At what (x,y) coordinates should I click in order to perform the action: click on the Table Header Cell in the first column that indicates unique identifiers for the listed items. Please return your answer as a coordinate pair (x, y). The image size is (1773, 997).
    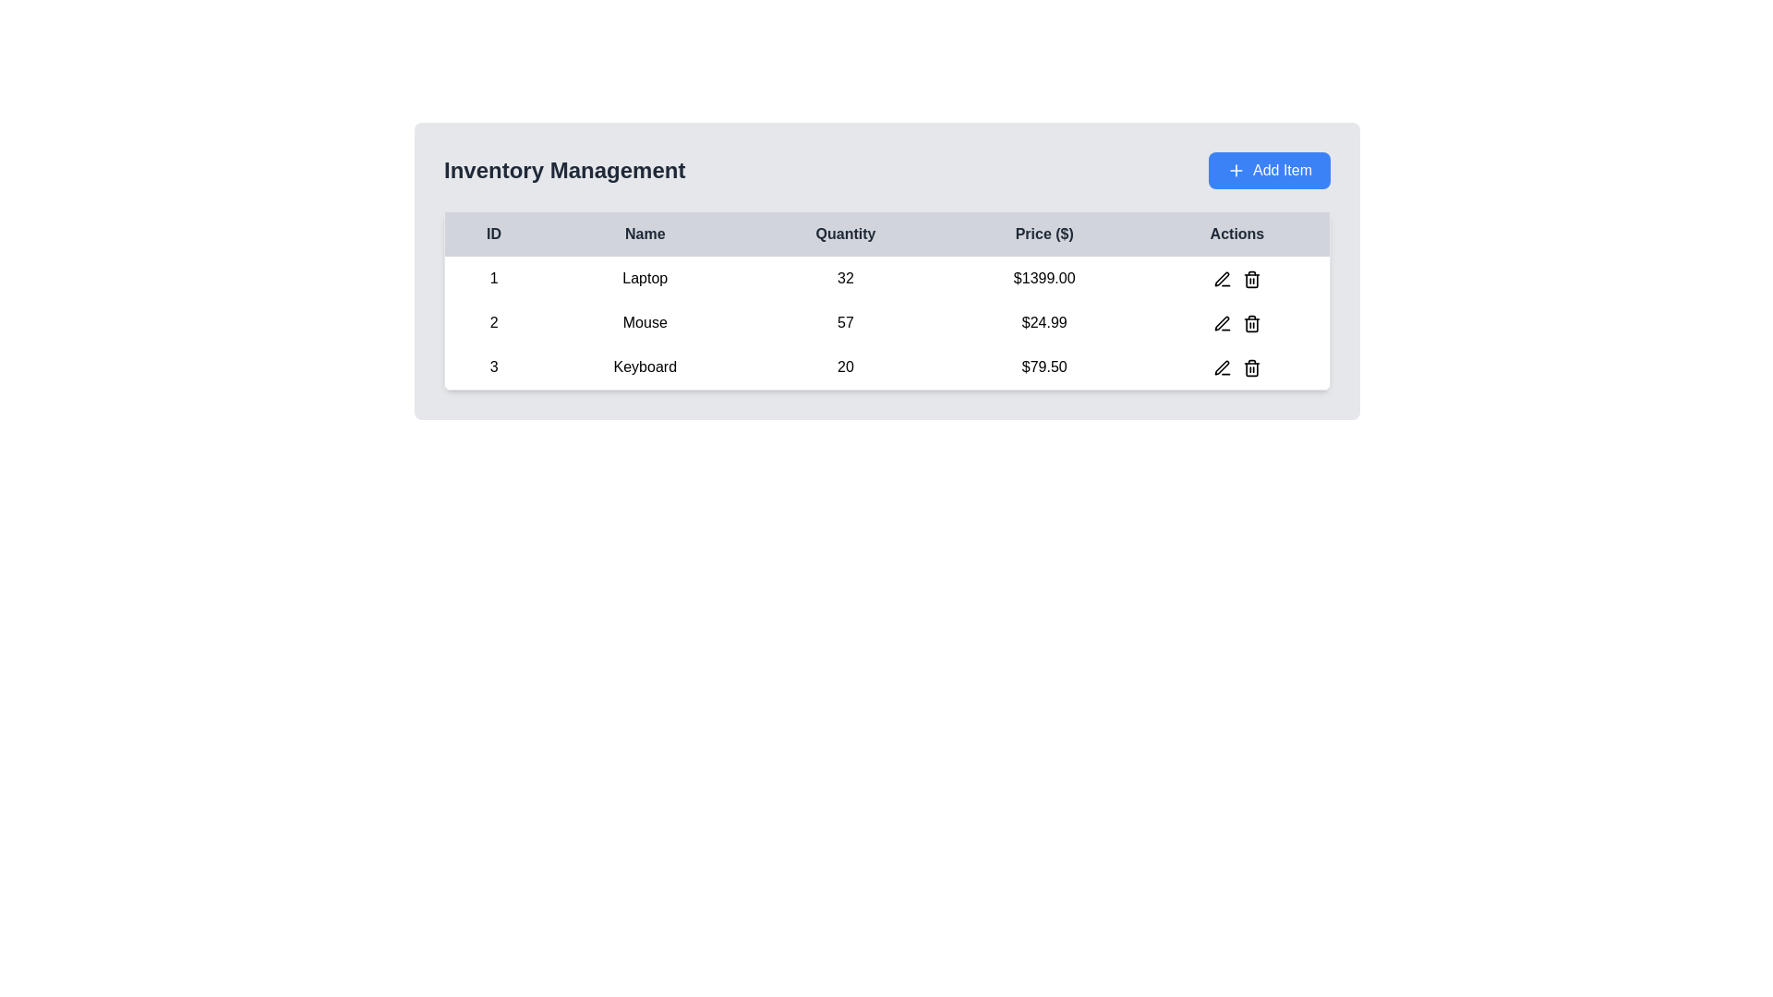
    Looking at the image, I should click on (493, 233).